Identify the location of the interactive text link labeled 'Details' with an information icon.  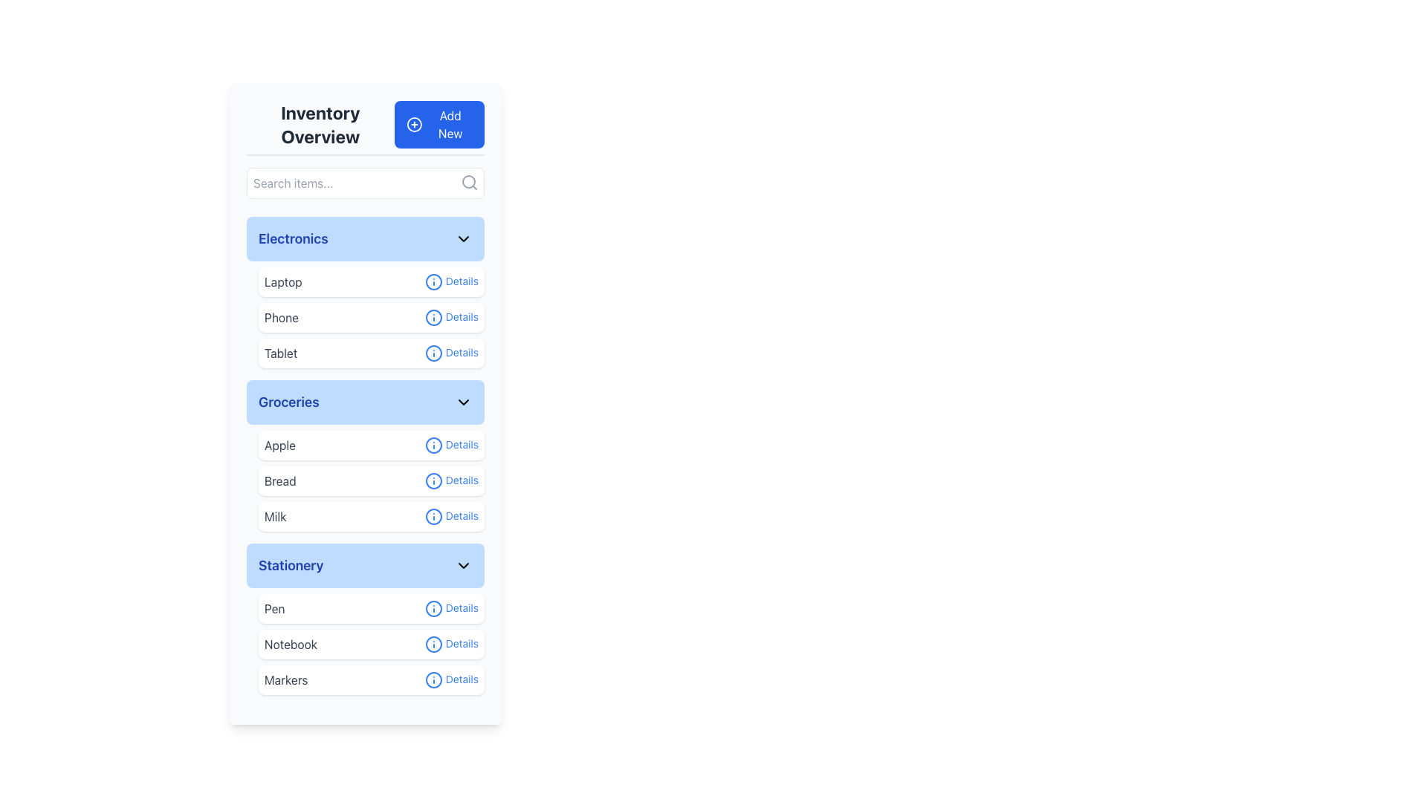
(450, 643).